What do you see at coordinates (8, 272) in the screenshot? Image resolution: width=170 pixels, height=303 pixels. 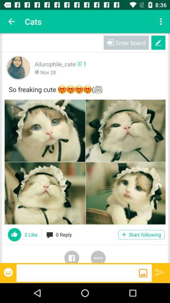 I see `emoji icon button` at bounding box center [8, 272].